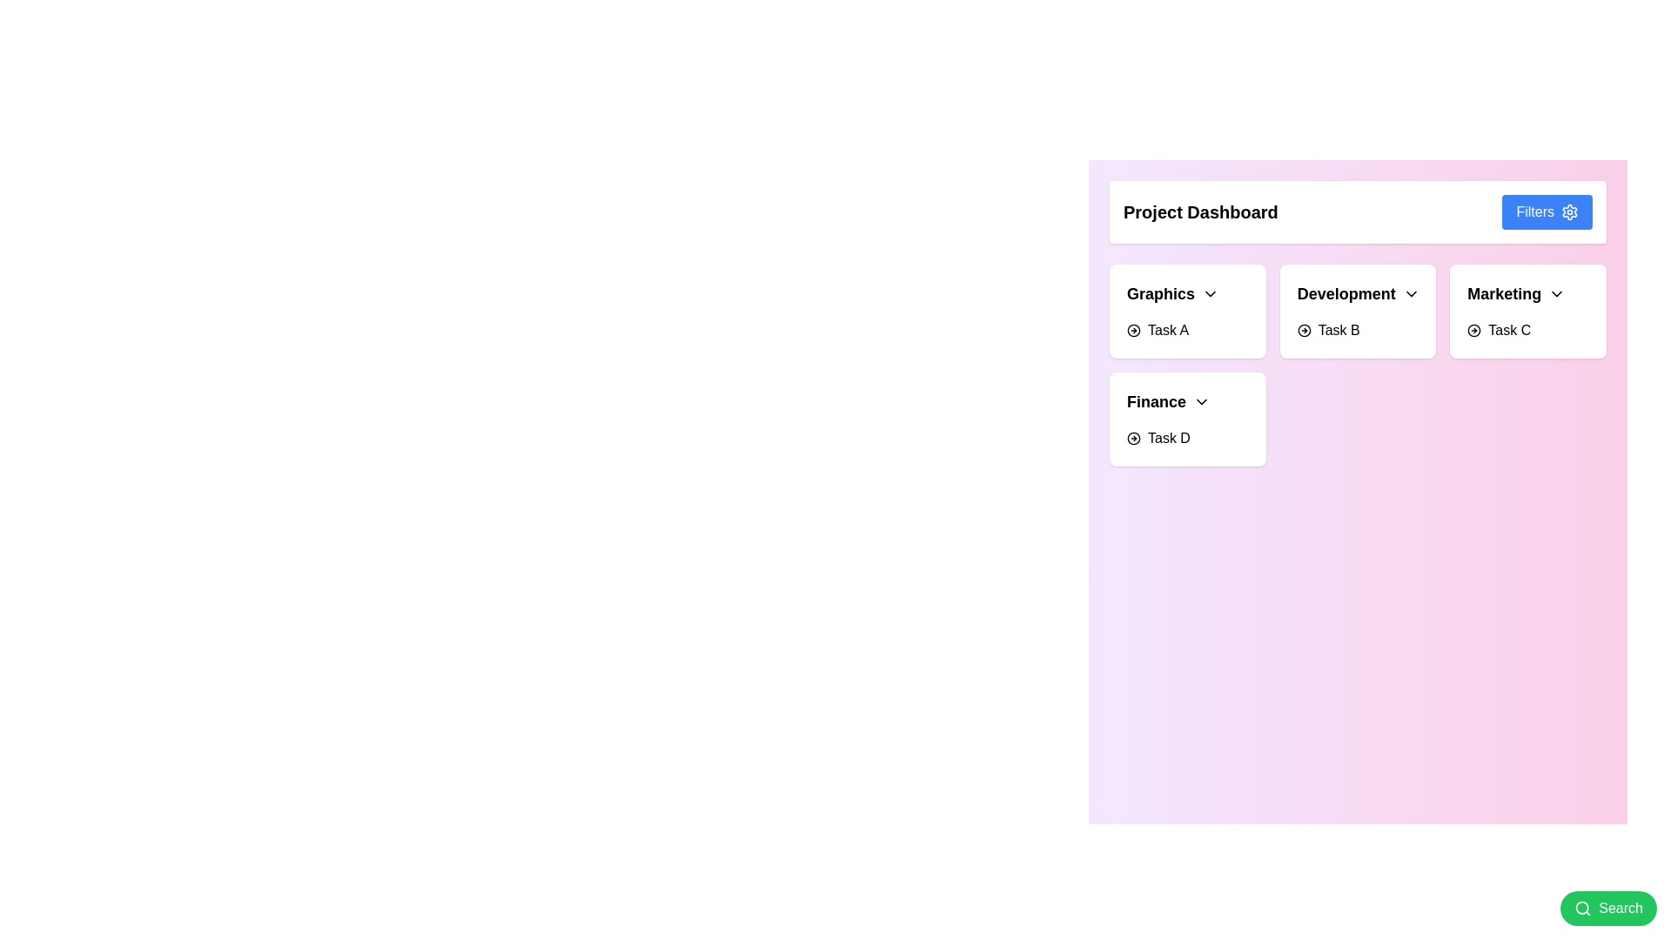 The image size is (1671, 940). What do you see at coordinates (1157, 402) in the screenshot?
I see `the static text element displaying the title 'Finance' located in the bottom-left card of the grid under 'Project Dashboard'` at bounding box center [1157, 402].